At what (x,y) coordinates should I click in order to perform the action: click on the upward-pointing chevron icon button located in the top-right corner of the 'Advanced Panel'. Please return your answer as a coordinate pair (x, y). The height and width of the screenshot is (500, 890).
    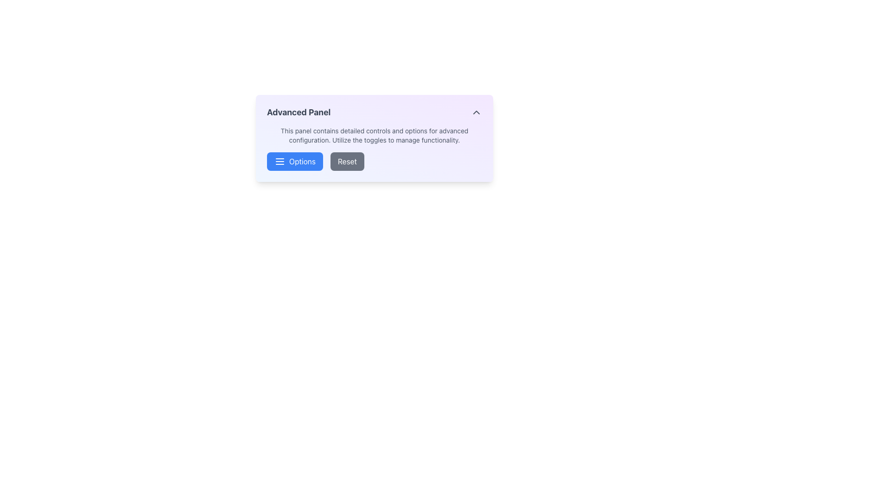
    Looking at the image, I should click on (476, 112).